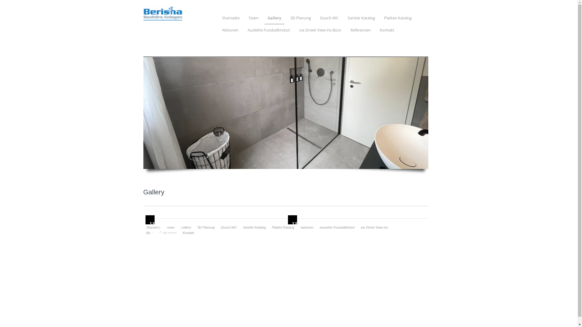 The width and height of the screenshot is (582, 327). Describe the element at coordinates (283, 227) in the screenshot. I see `'Platten Katalog'` at that location.